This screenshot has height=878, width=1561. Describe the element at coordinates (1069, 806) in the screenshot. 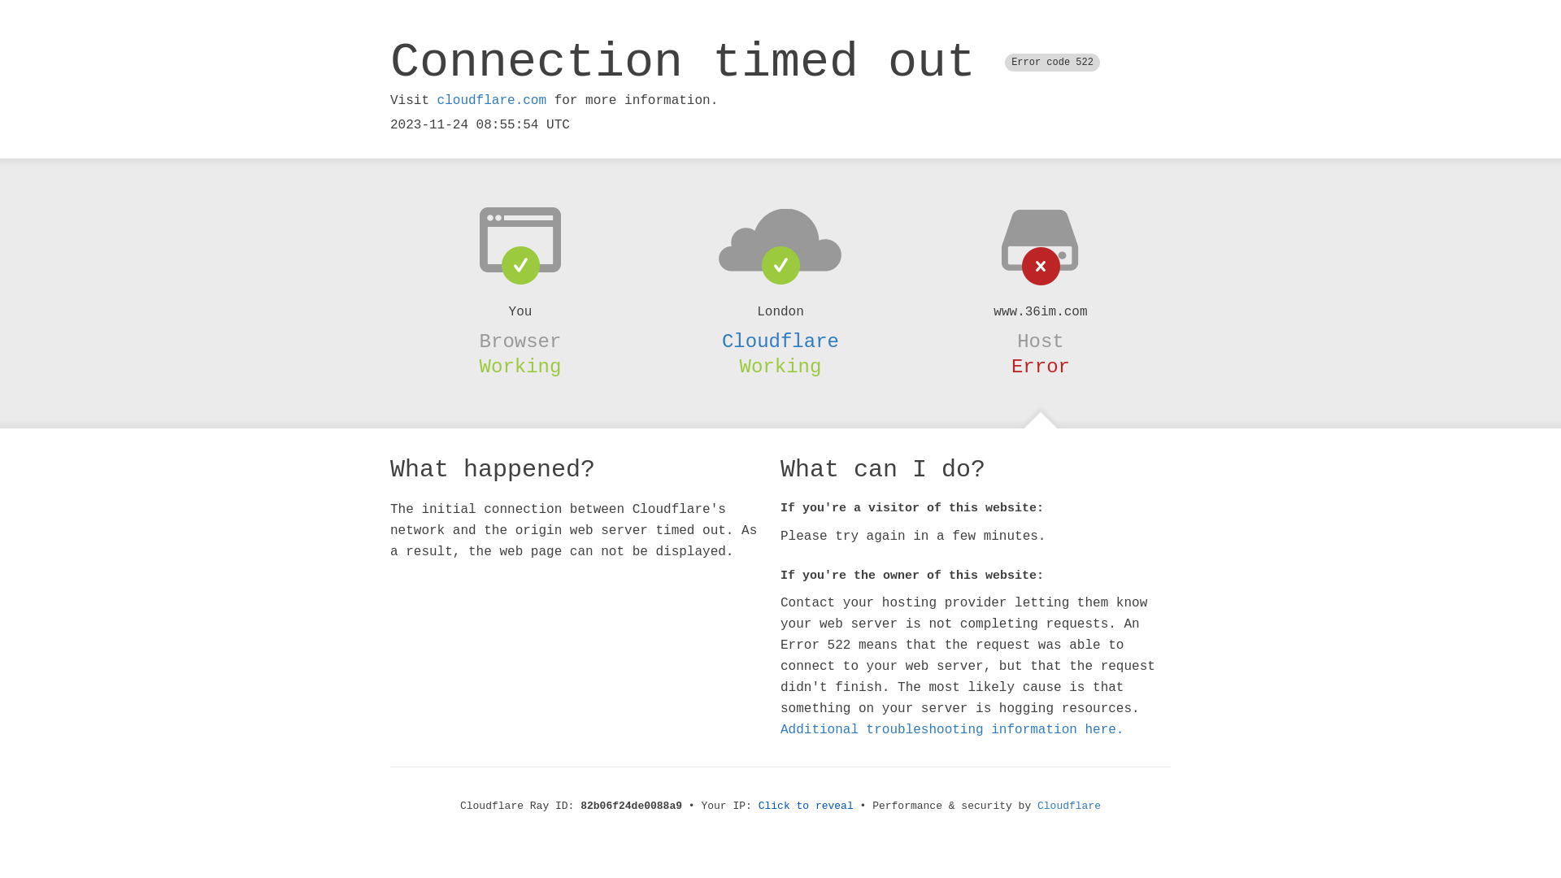

I see `'Cloudflare'` at that location.